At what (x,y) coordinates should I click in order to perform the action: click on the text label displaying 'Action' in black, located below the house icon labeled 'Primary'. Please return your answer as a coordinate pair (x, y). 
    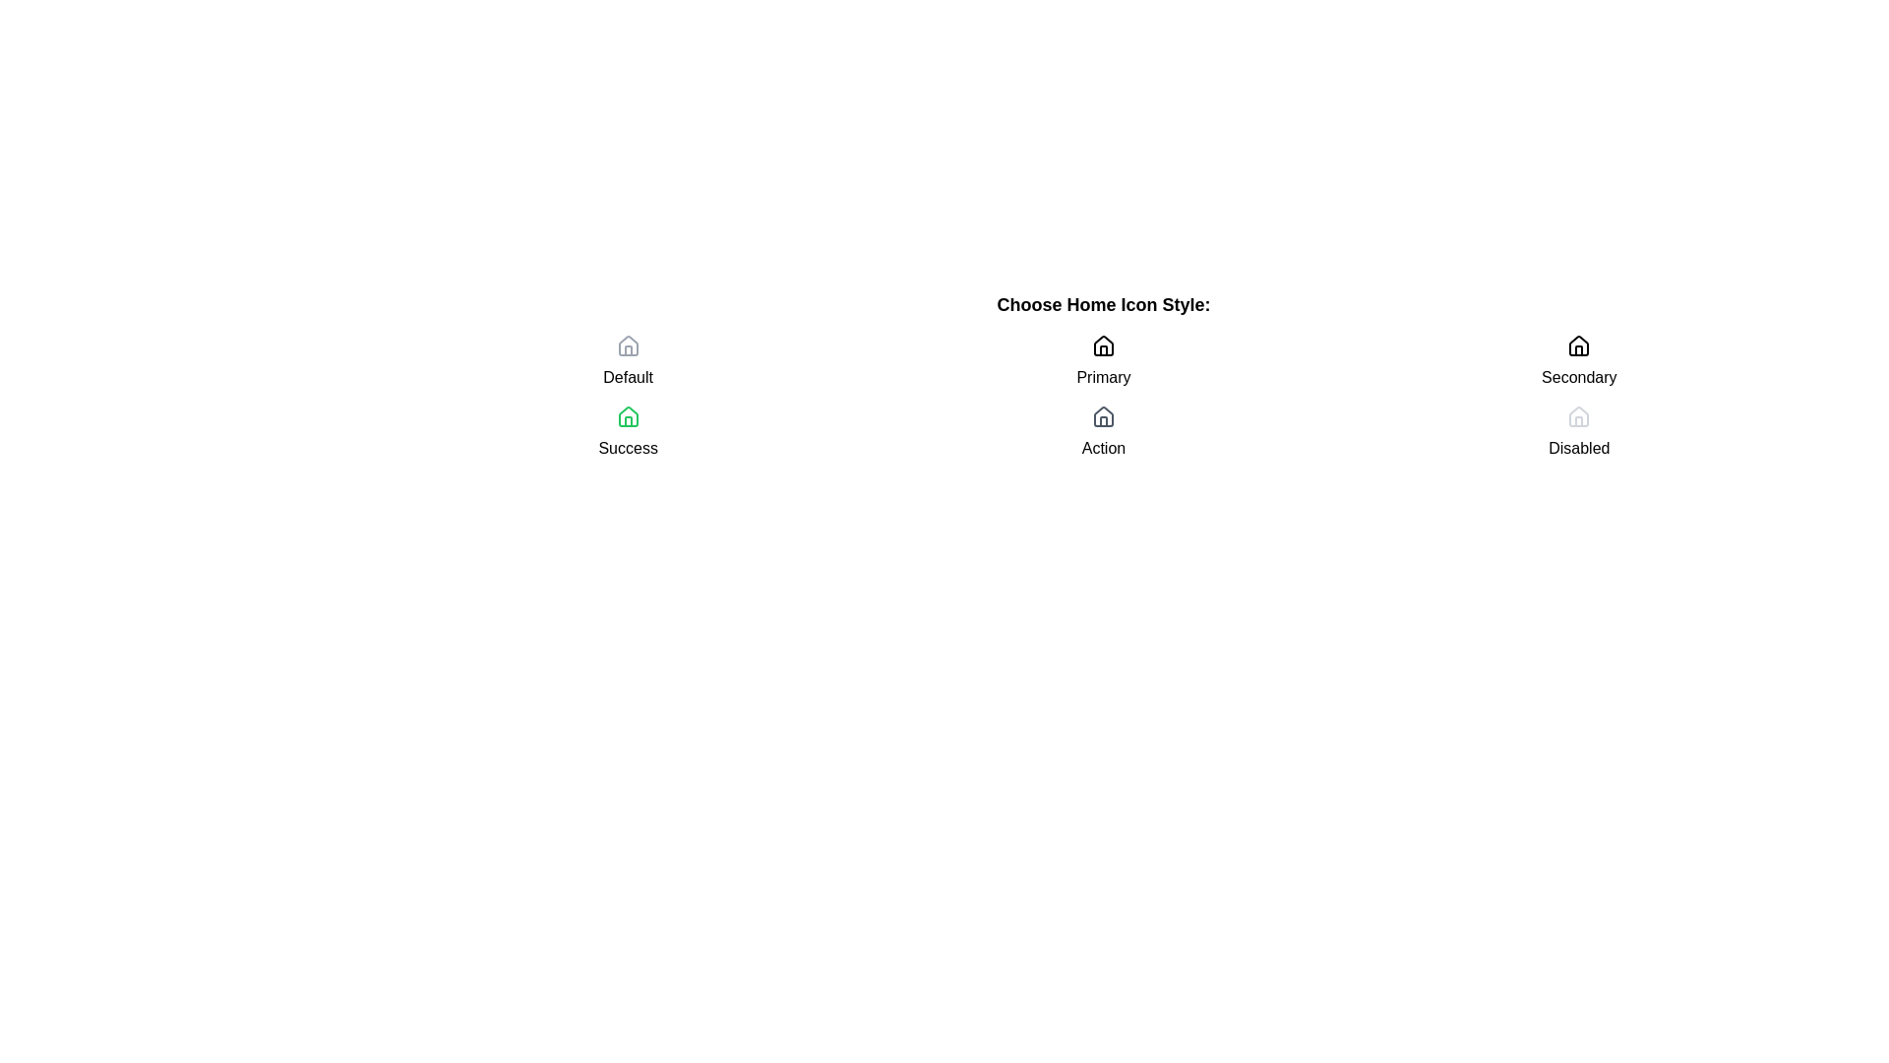
    Looking at the image, I should click on (1104, 448).